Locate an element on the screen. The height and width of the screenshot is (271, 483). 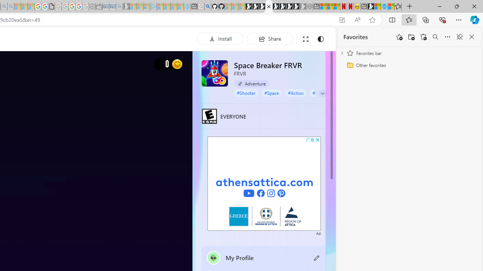
'""' is located at coordinates (213, 257).